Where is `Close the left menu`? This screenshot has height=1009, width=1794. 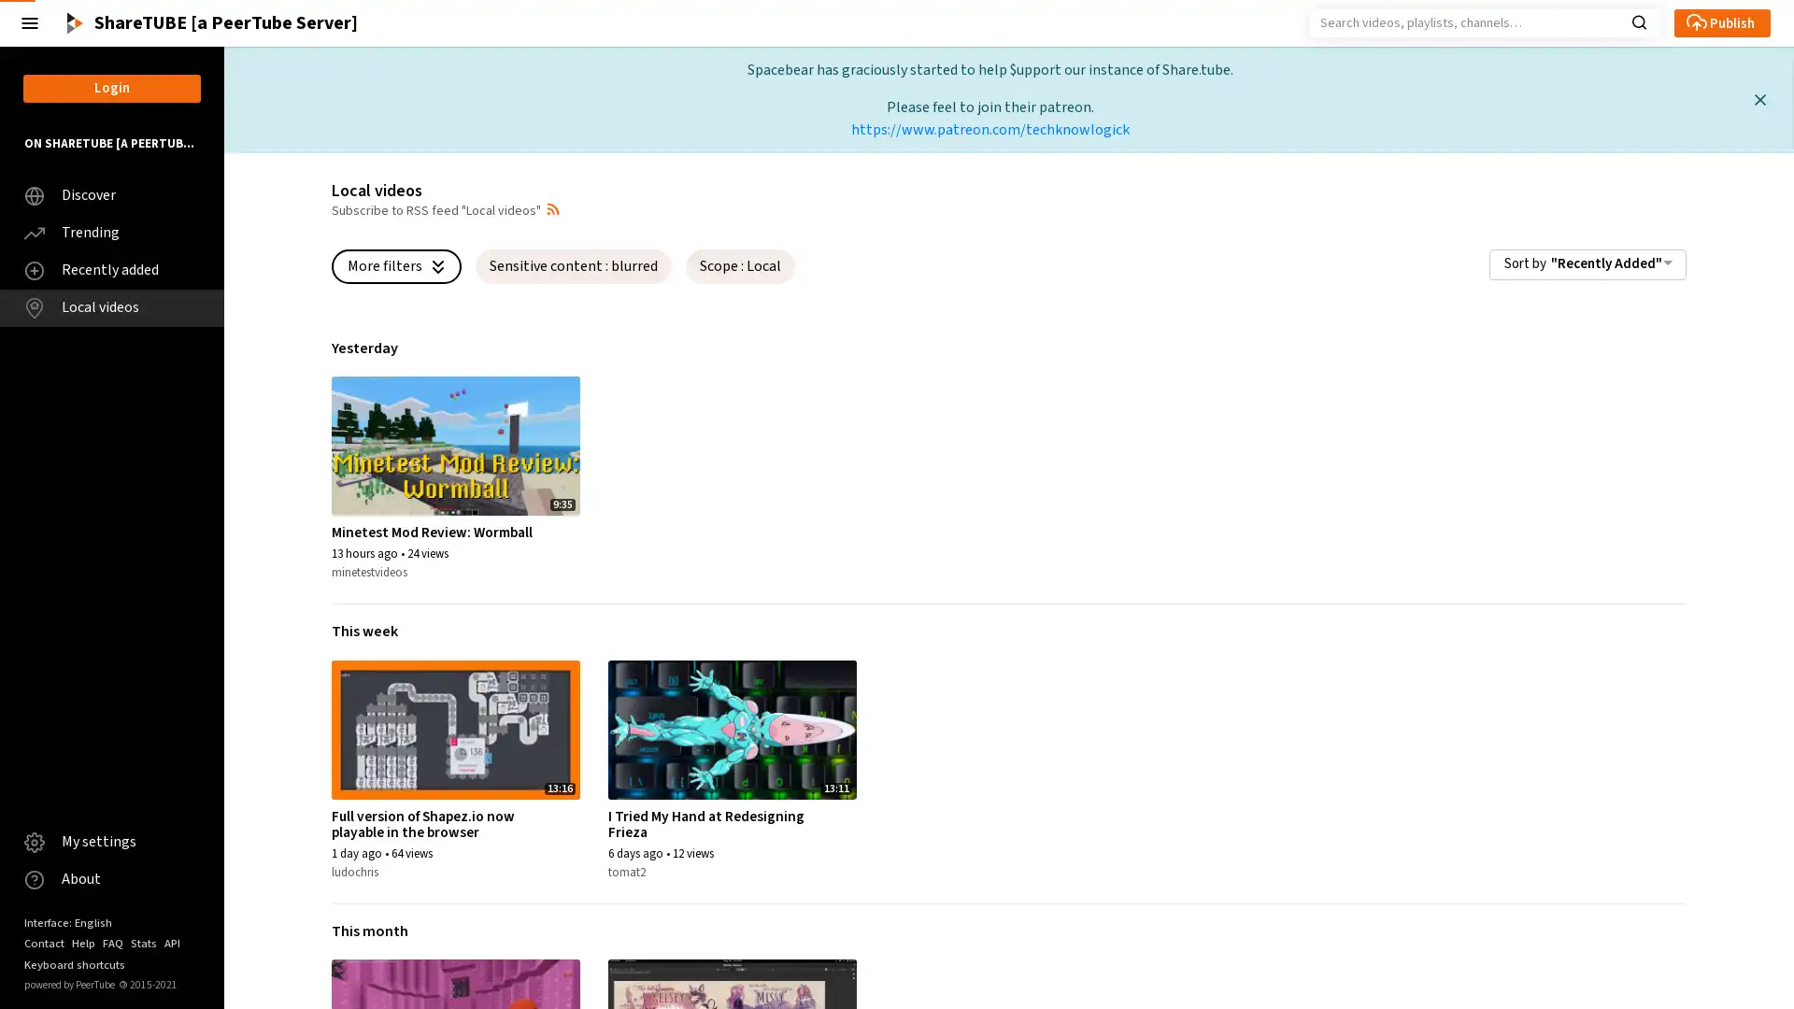 Close the left menu is located at coordinates (30, 22).